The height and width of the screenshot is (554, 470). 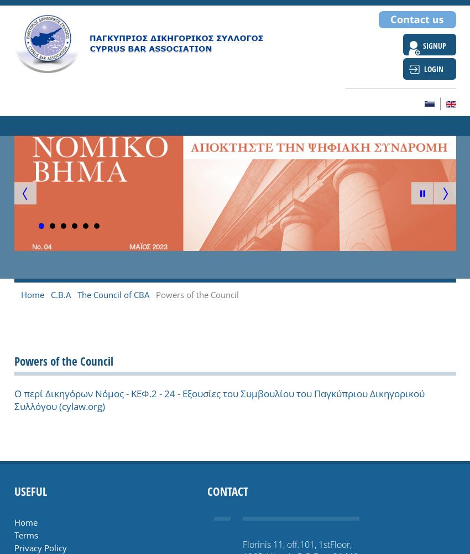 I want to click on 'Ο περί Δικηγόρων Νόμος - ΚΕΦ.2 - 24 - Εξoυσίες τoυ Συμβoυλίoυ τoυ Παγκύπριoυ Δικηγoρικoύ Συλλόγoυ (cylaw.org)', so click(x=219, y=399).